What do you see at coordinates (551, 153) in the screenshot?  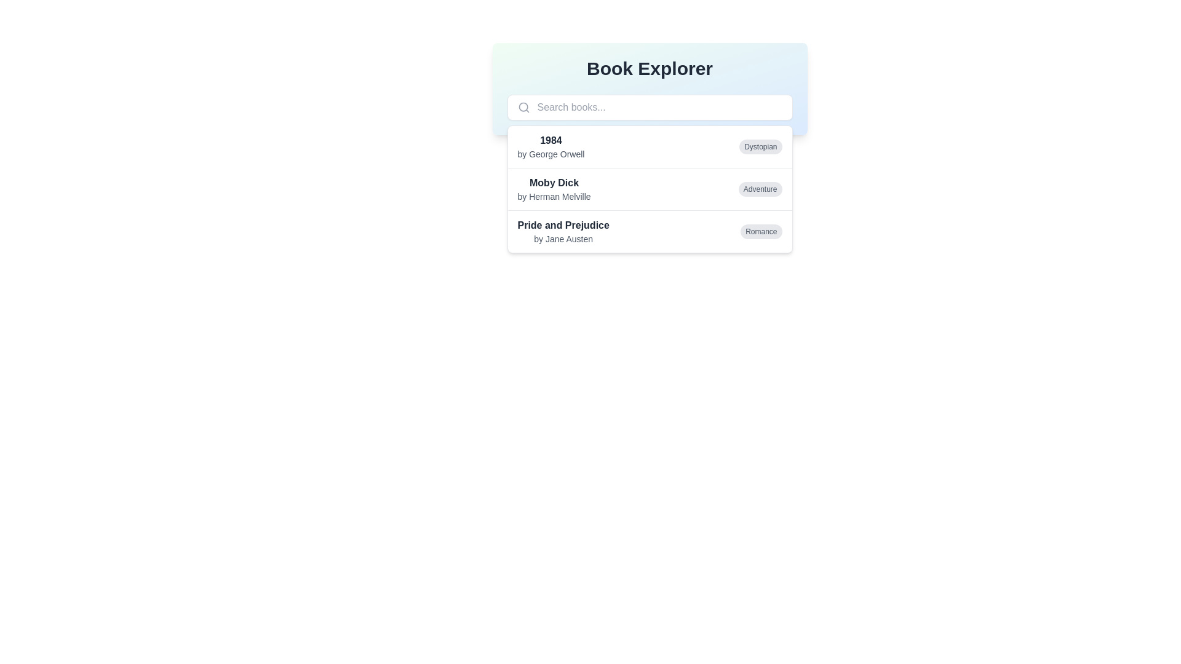 I see `authorship information text label for the book '1984', which is located below the title and above the tag 'Dystopian' in the vertical list` at bounding box center [551, 153].